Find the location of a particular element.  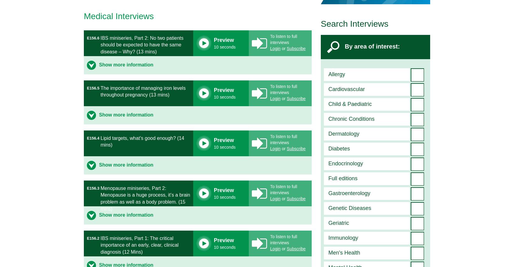

'IBS miniseries, Part 1: The critical importance of an early, clear, clinical diagnosis (12 Mins)' is located at coordinates (139, 245).